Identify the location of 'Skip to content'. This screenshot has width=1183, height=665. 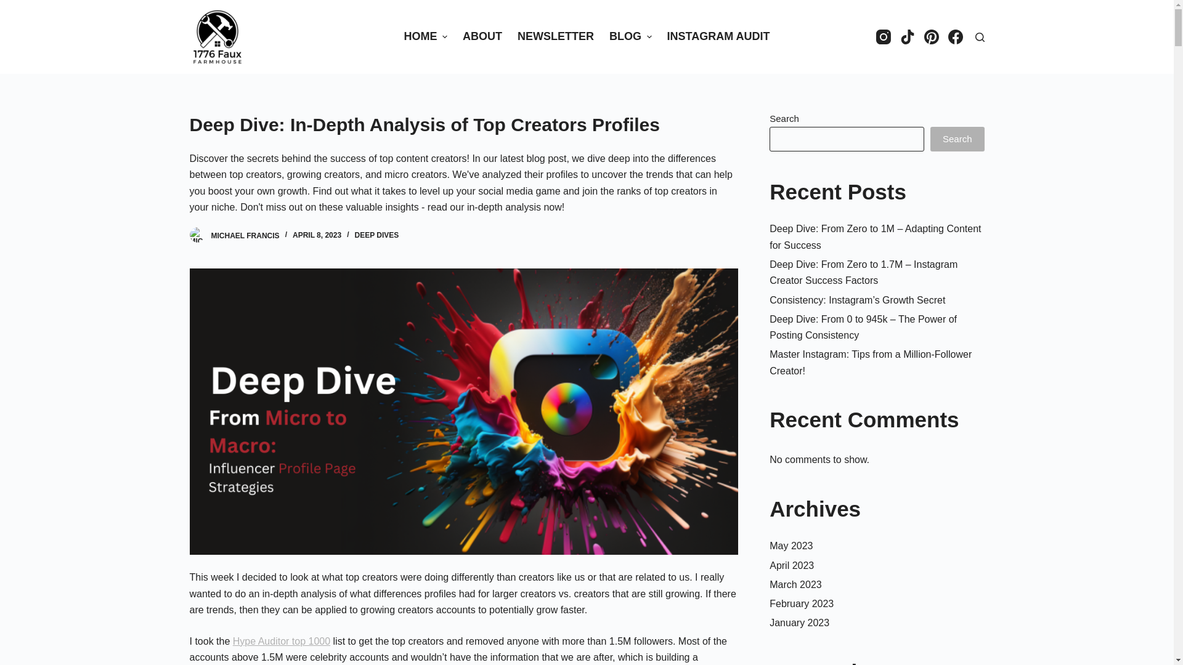
(12, 6).